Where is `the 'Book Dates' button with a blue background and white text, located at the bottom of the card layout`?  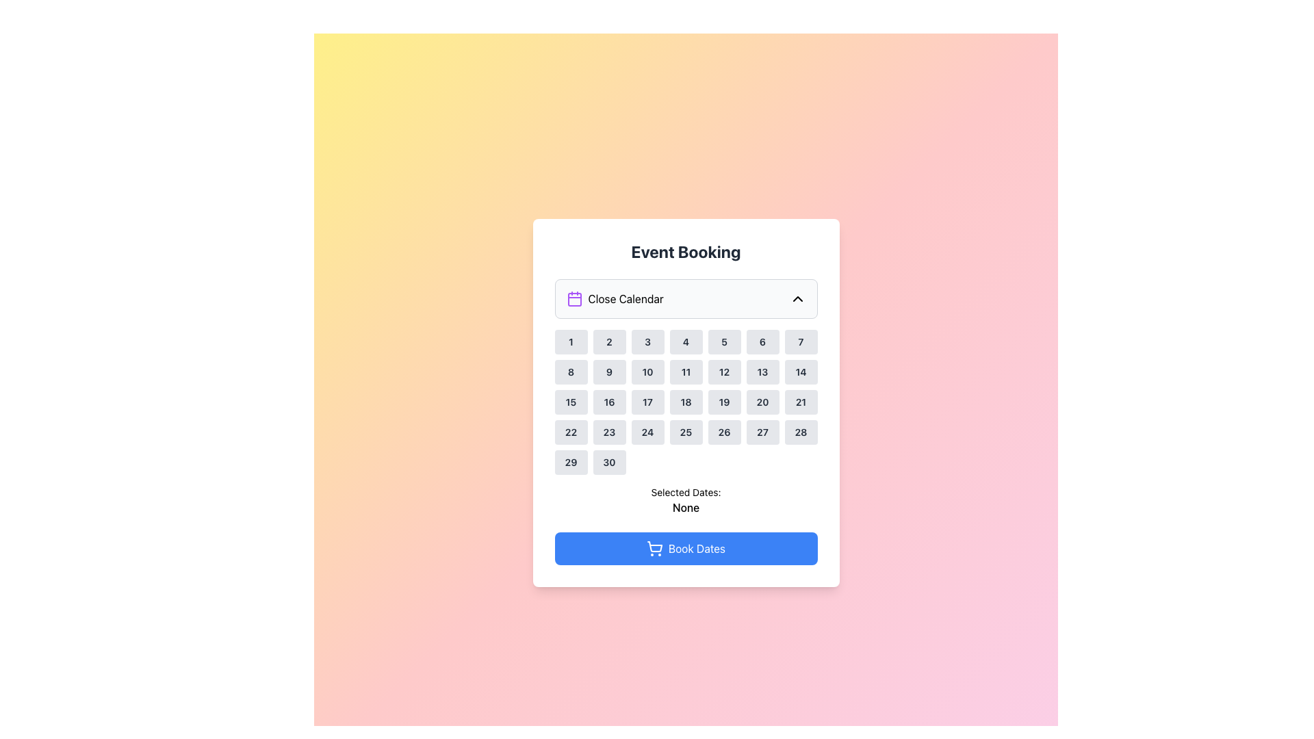 the 'Book Dates' button with a blue background and white text, located at the bottom of the card layout is located at coordinates (686, 548).